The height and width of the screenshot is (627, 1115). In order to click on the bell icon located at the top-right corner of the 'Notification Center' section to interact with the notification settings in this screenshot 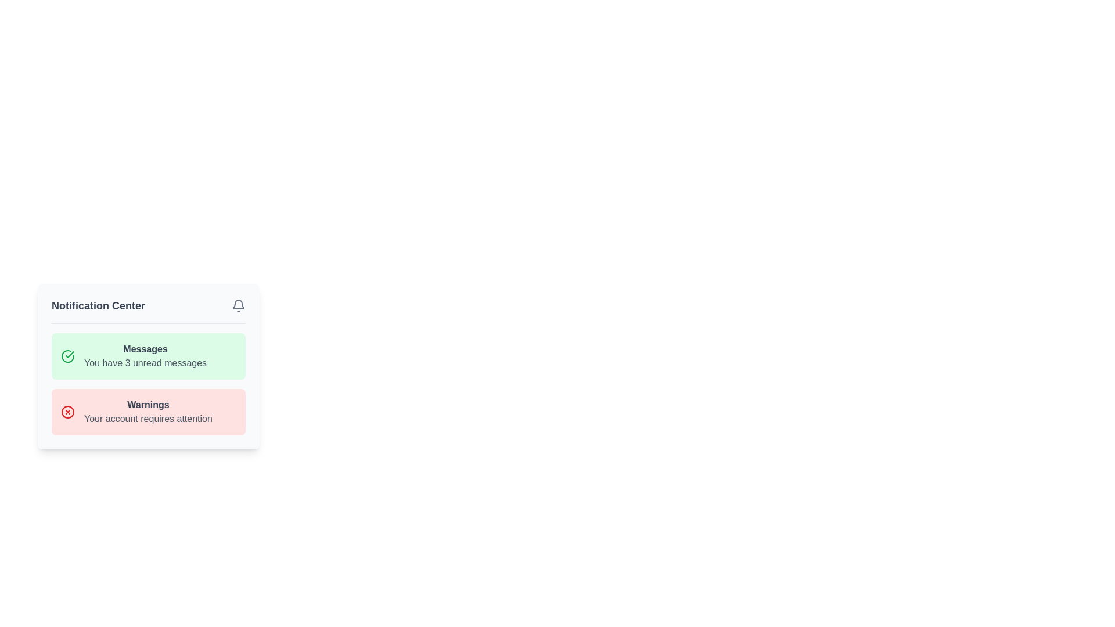, I will do `click(238, 305)`.